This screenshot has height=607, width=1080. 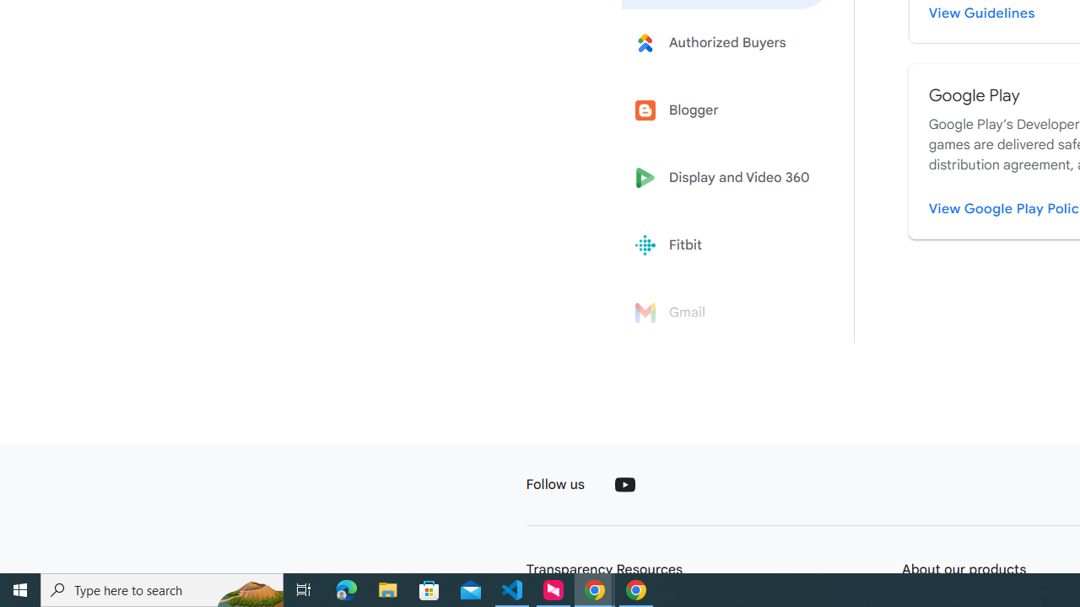 What do you see at coordinates (727, 245) in the screenshot?
I see `'Fitbit'` at bounding box center [727, 245].